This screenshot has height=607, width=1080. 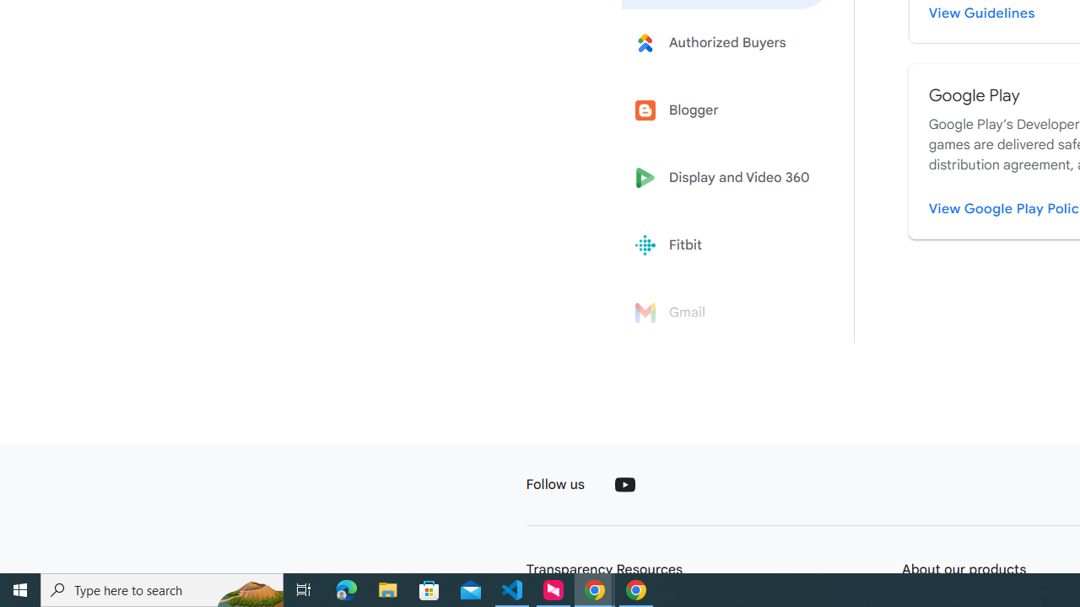 What do you see at coordinates (727, 245) in the screenshot?
I see `'Fitbit'` at bounding box center [727, 245].